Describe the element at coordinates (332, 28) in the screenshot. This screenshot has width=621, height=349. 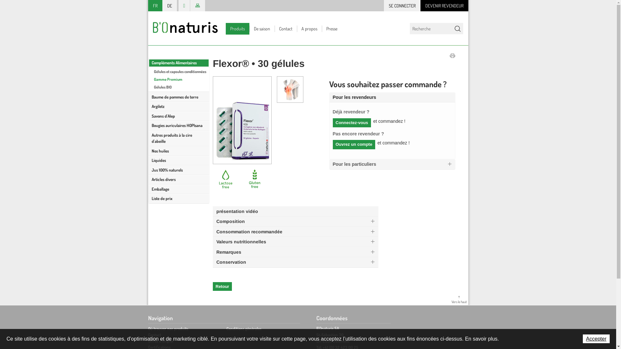
I see `'Presse'` at that location.